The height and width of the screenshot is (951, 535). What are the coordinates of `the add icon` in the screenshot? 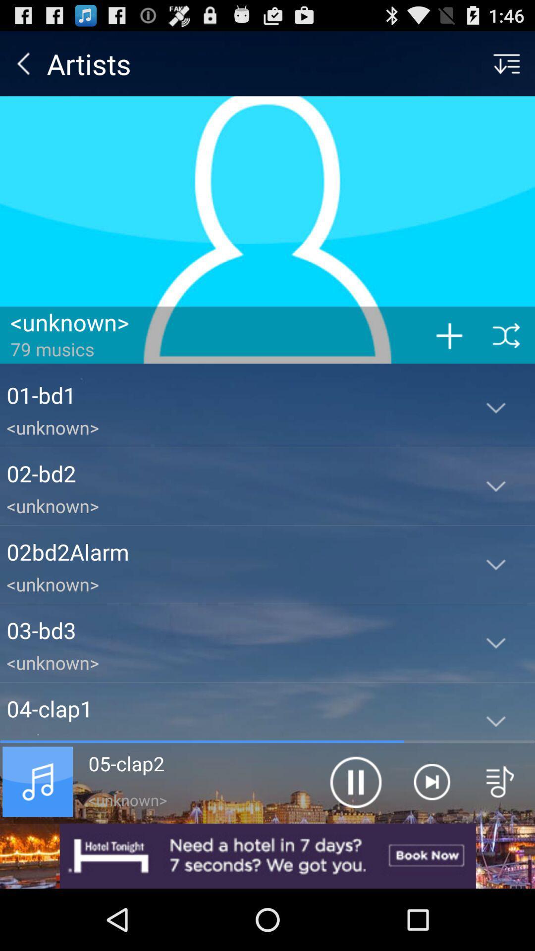 It's located at (449, 358).